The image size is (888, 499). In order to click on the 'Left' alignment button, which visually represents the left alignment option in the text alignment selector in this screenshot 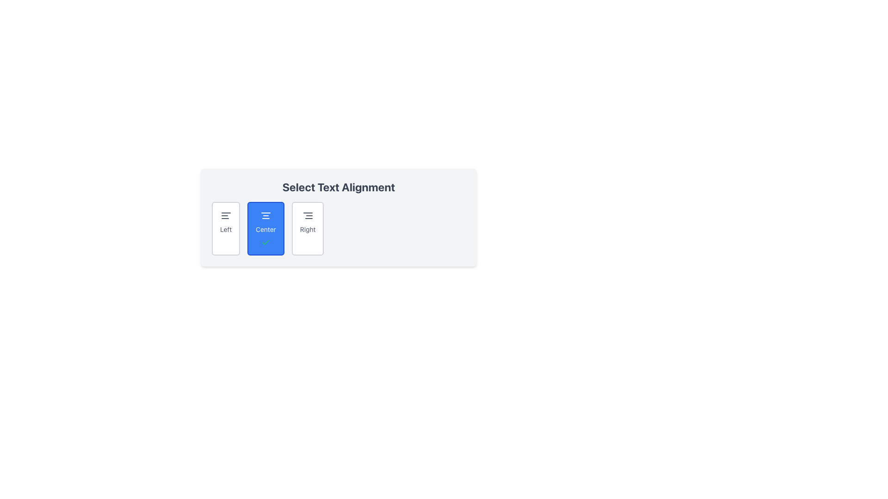, I will do `click(226, 215)`.